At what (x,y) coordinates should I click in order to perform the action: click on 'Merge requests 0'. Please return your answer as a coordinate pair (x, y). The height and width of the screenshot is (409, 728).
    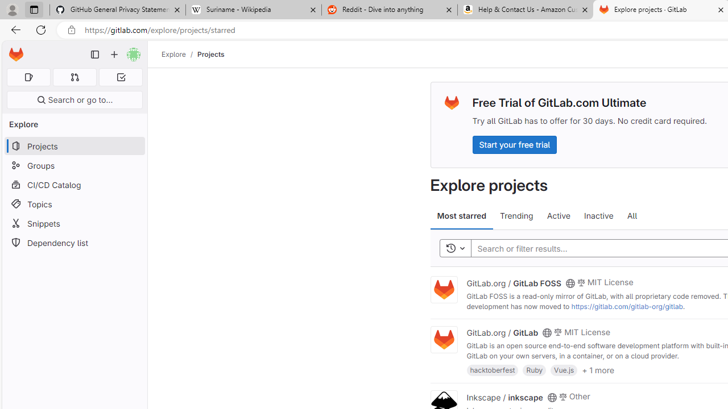
    Looking at the image, I should click on (74, 77).